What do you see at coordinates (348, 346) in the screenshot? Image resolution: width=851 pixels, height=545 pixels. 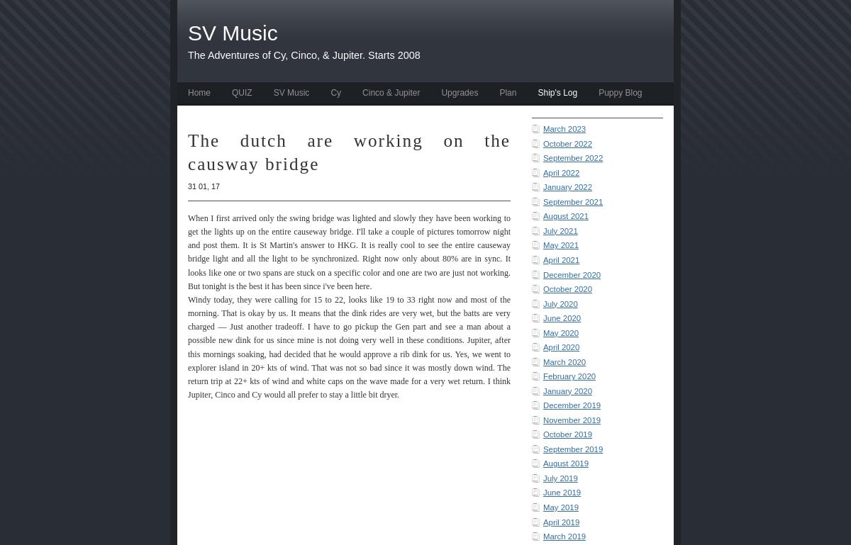 I see `'Windy today, they were calling for 15 to 22, looks like 19 to 33 right now and most of the morning.  That is okay by us.  It means that the dink rides are very wet, but the batts are very charged — Just another tradeoff.   I have to go pickup the Gen part and see a man about a possible new dink for us since mine is not doing very well in these conditions.   Jupiter, after this mornings soaking, had decided that he would approve a rib dink for us.  Yes, we went to explorer island in 20+ kts of wind.   That was not so bad since it was mostly down wind.   The return trip at 22+ kts of wind and white caps on the wave made for a very wet return.  I think Jupiter, Cinco and Cy would all prefer to stay a little bit dryer.'` at bounding box center [348, 346].